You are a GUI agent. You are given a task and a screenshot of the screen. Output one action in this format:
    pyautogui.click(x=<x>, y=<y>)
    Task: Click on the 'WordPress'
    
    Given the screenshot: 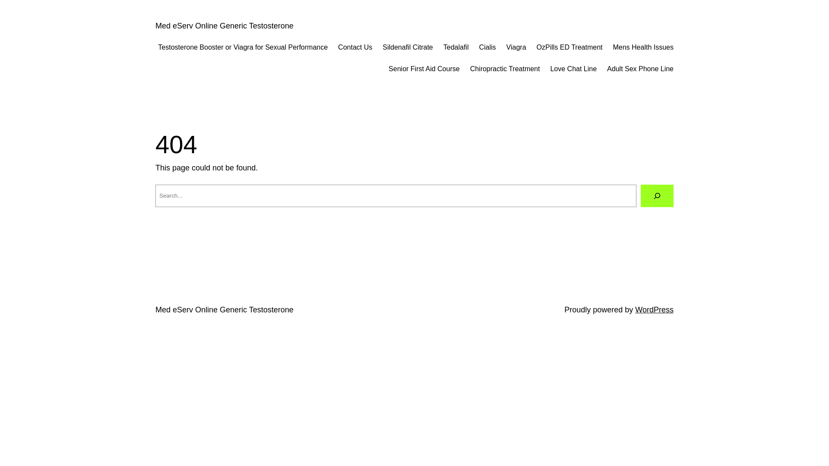 What is the action you would take?
    pyautogui.click(x=654, y=309)
    